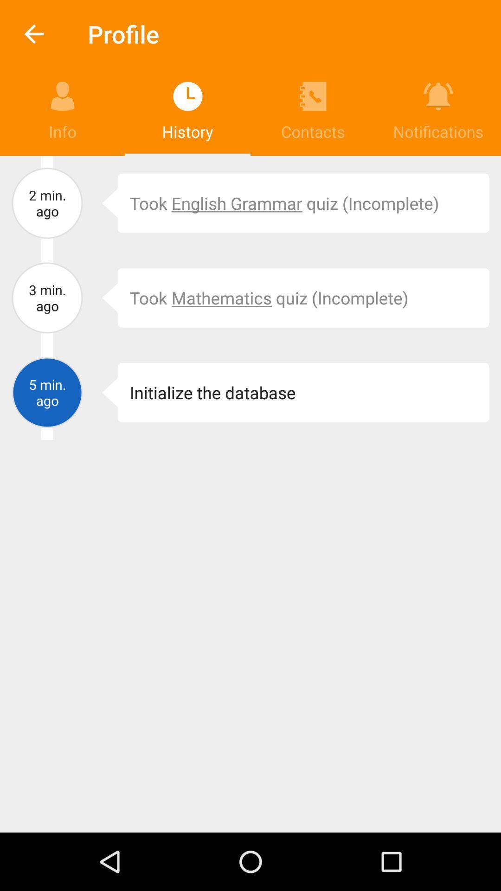 This screenshot has width=501, height=891. Describe the element at coordinates (303, 202) in the screenshot. I see `the took english grammar app` at that location.